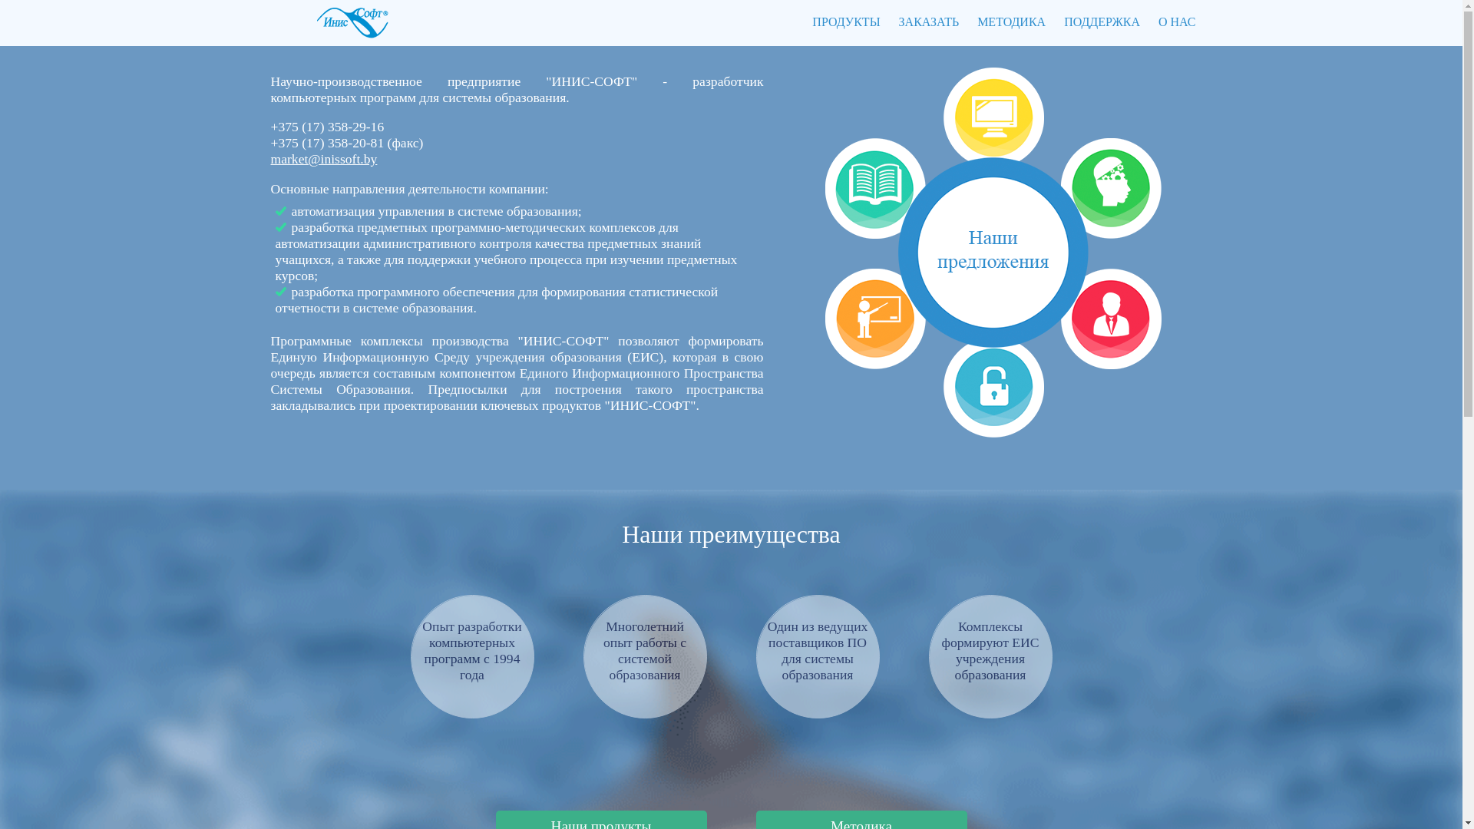 The width and height of the screenshot is (1474, 829). What do you see at coordinates (322, 159) in the screenshot?
I see `'market@inissoft.by'` at bounding box center [322, 159].